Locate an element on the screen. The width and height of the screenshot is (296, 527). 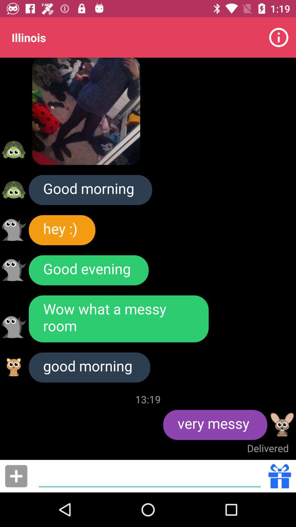
this emoji is located at coordinates (282, 424).